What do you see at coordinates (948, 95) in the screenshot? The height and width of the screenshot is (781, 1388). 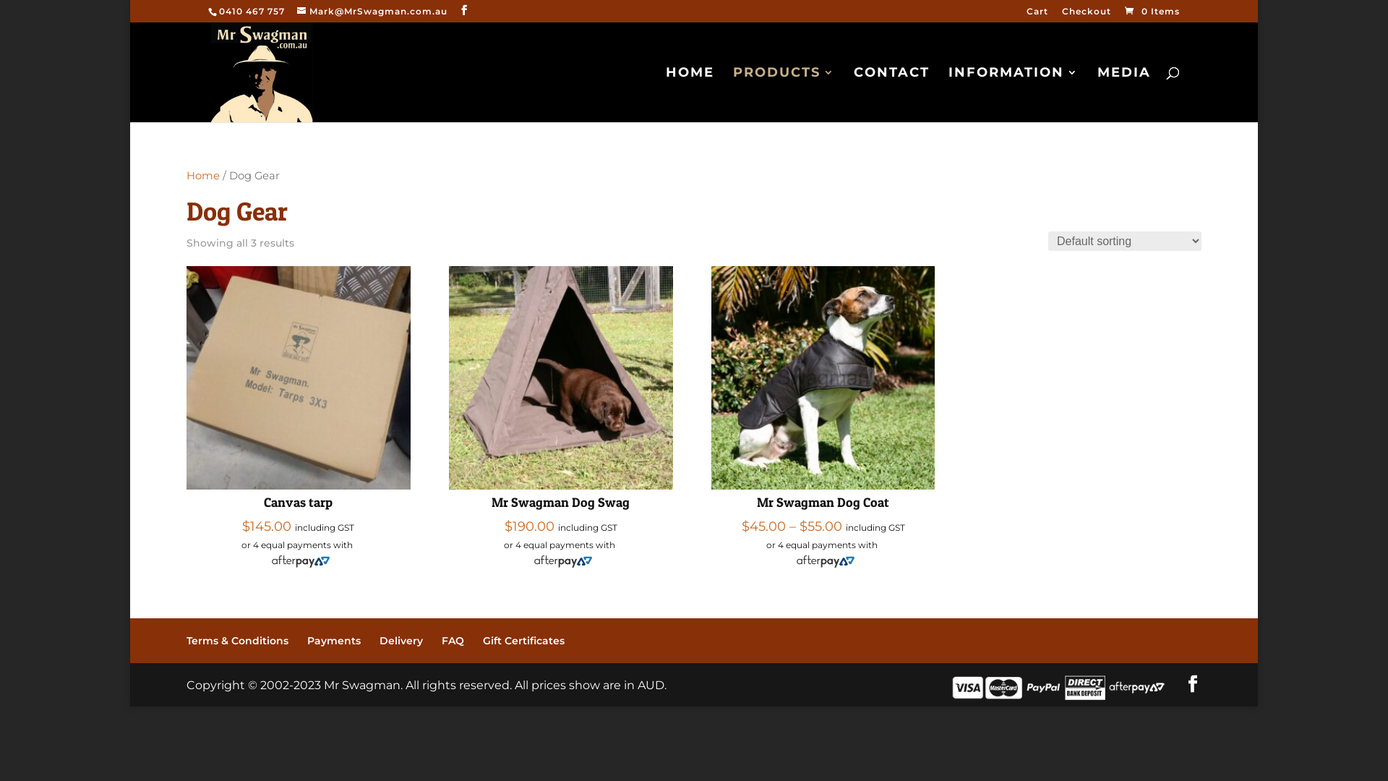 I see `'INFORMATION'` at bounding box center [948, 95].